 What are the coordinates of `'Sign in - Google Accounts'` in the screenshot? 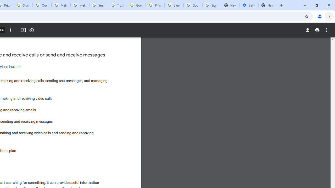 It's located at (174, 5).